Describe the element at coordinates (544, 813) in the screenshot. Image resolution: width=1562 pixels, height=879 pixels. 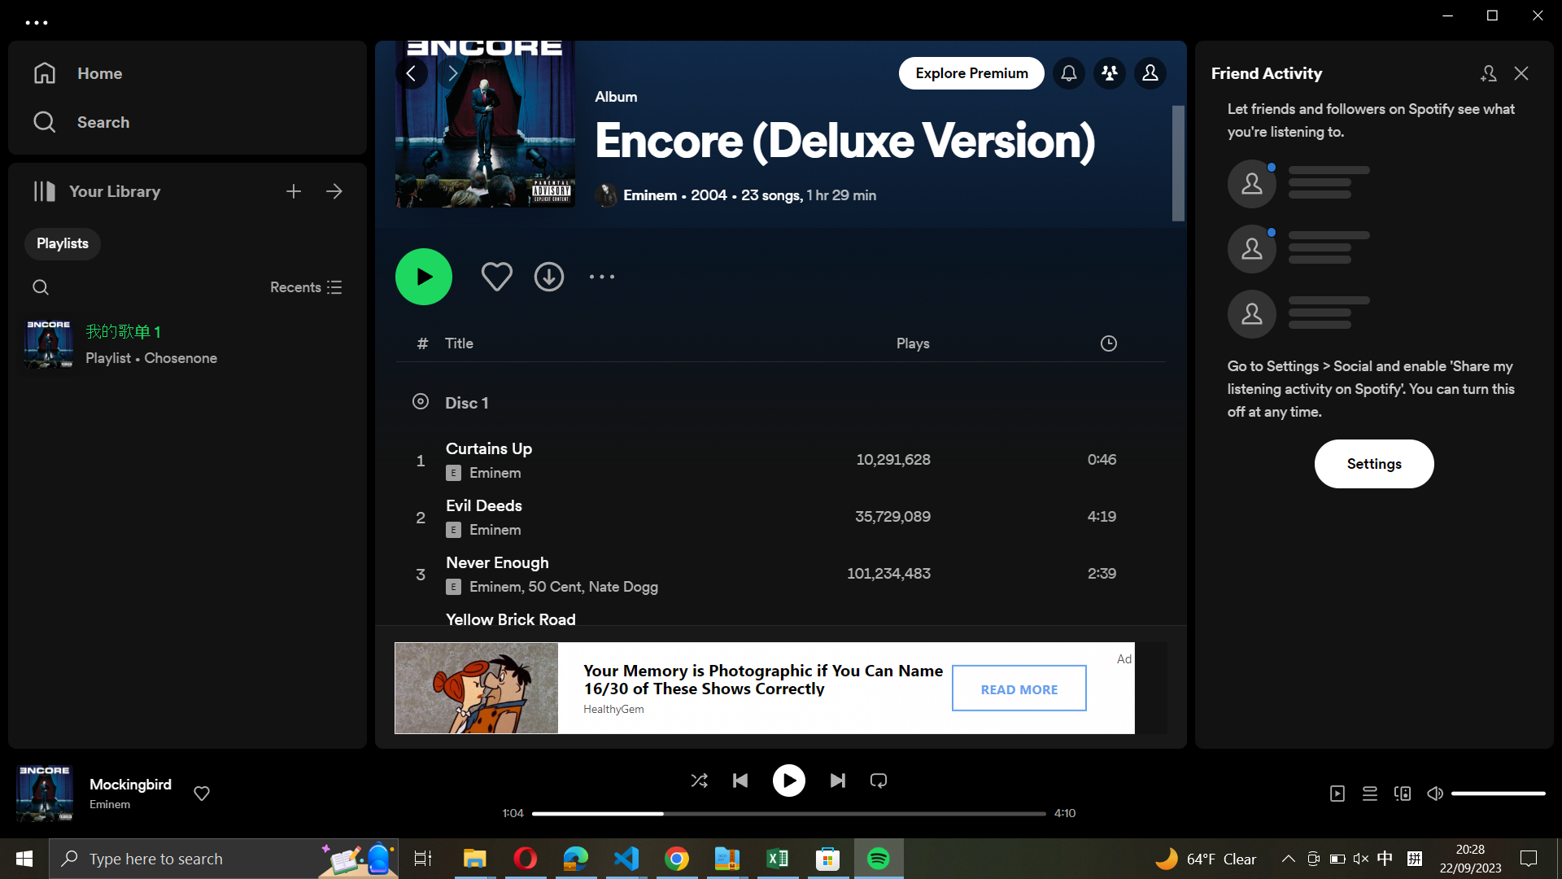
I see `the starting point of the currently playing track` at that location.